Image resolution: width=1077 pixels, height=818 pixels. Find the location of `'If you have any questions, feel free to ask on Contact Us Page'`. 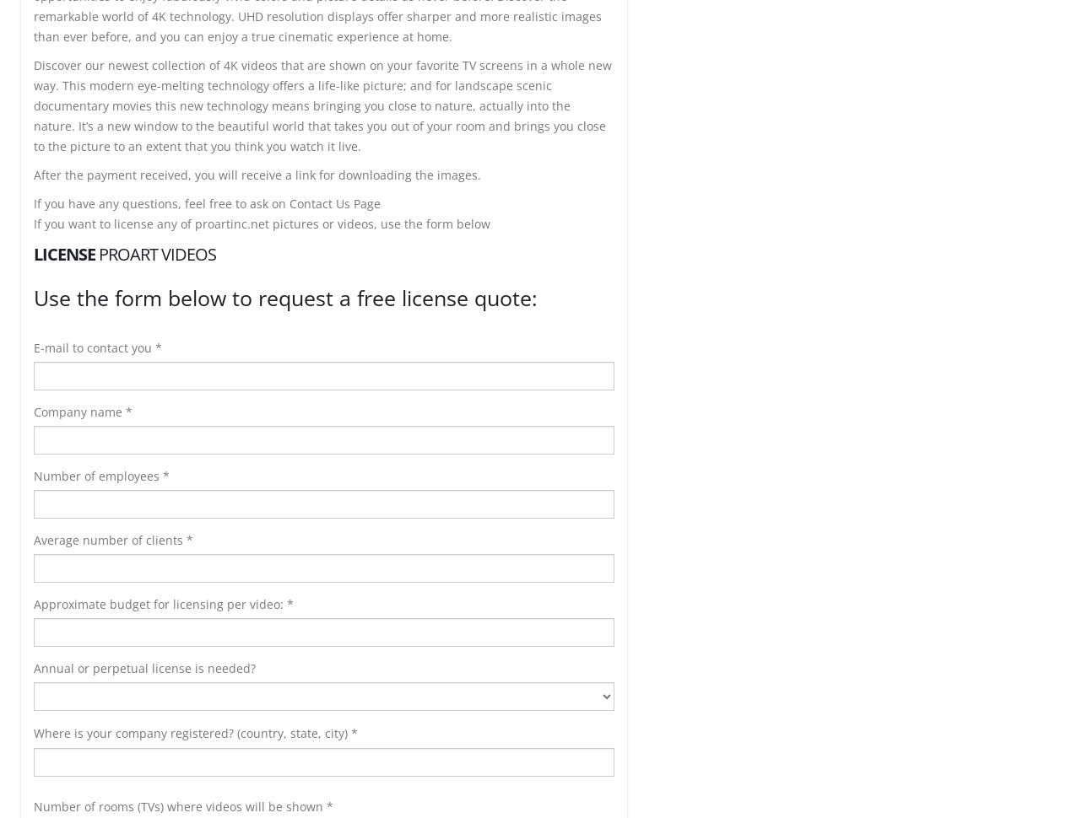

'If you have any questions, feel free to ask on Contact Us Page' is located at coordinates (33, 202).